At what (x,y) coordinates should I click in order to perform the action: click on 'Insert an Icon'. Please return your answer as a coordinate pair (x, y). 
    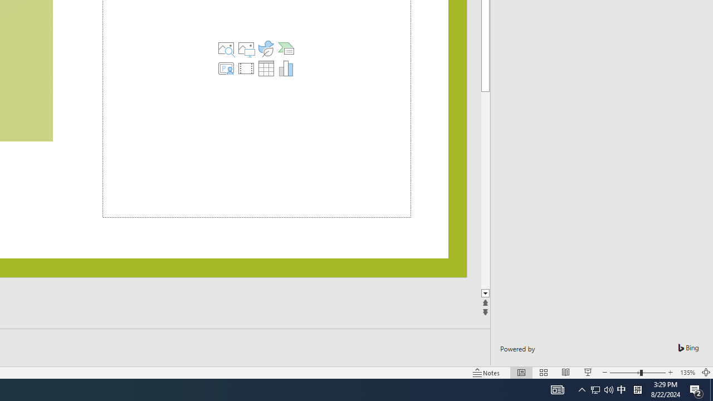
    Looking at the image, I should click on (266, 48).